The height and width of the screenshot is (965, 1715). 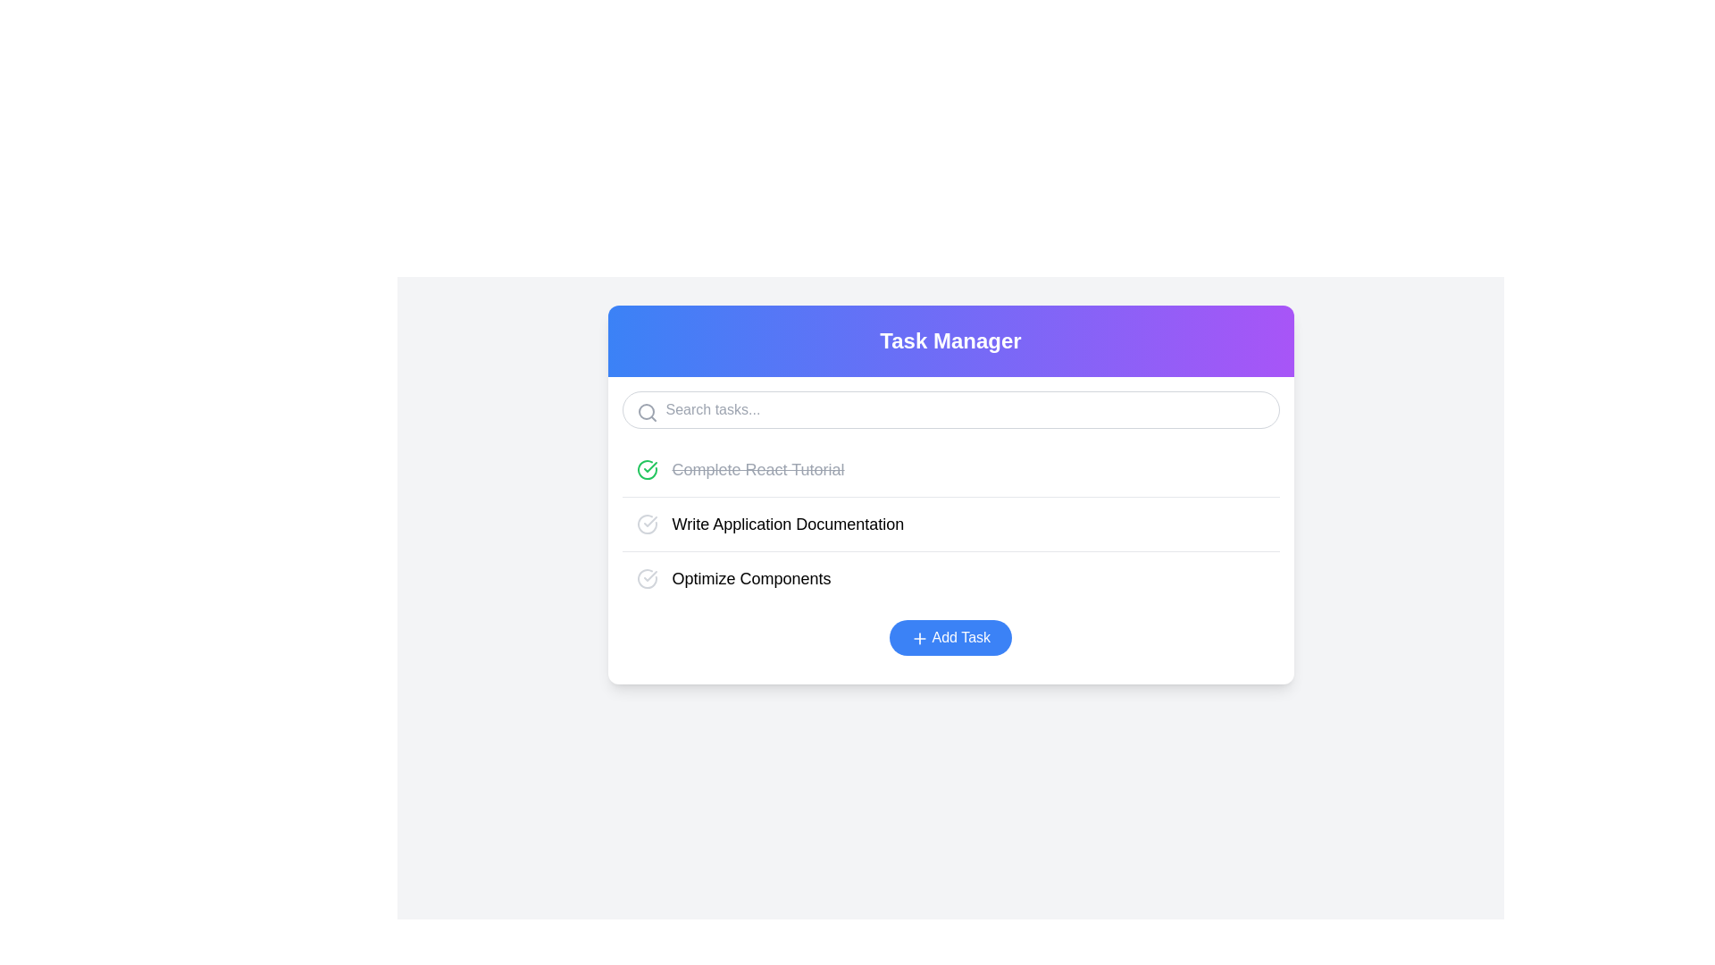 What do you see at coordinates (740, 468) in the screenshot?
I see `the strikethrough text label indicating the completed task 'Complete React Tutorial'` at bounding box center [740, 468].